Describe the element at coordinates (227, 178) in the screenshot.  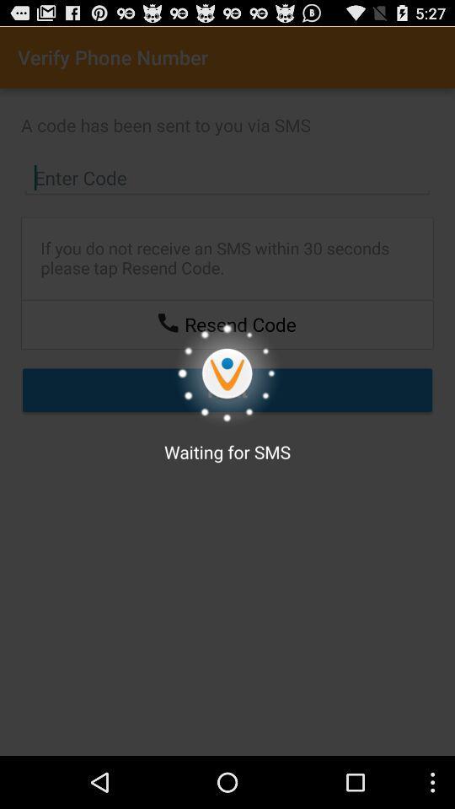
I see `code option` at that location.